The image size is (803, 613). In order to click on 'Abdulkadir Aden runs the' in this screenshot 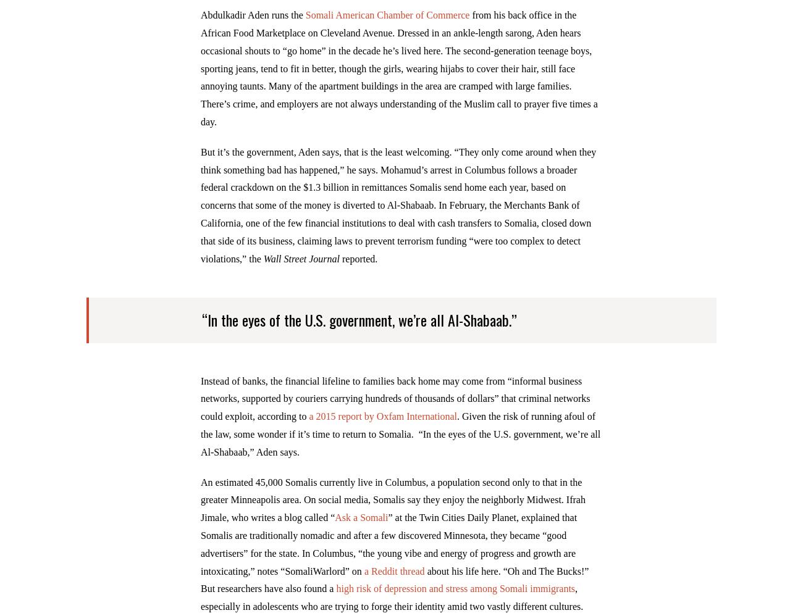, I will do `click(253, 23)`.